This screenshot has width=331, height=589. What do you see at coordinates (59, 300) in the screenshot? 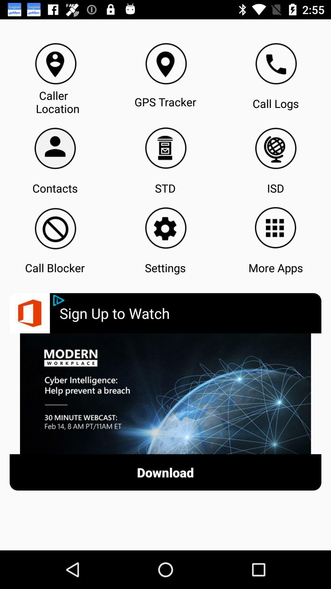
I see `the app below the call blocker` at bounding box center [59, 300].